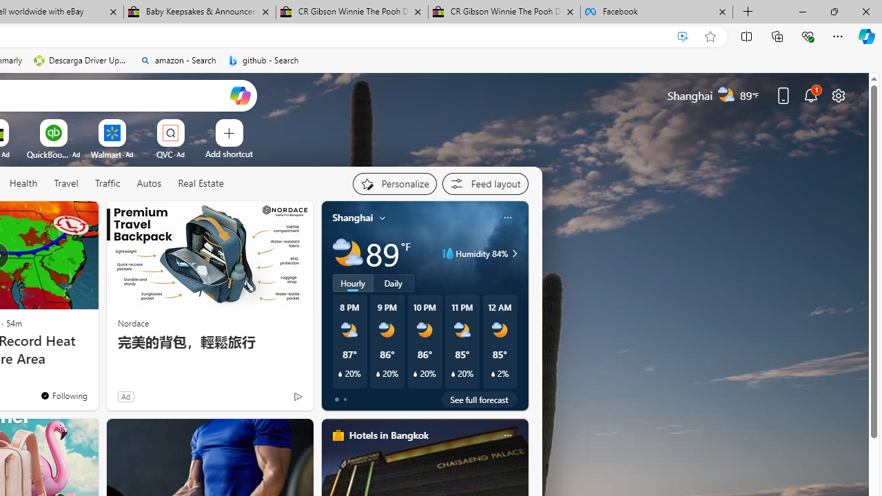 The image size is (882, 496). What do you see at coordinates (200, 183) in the screenshot?
I see `'Real Estate'` at bounding box center [200, 183].